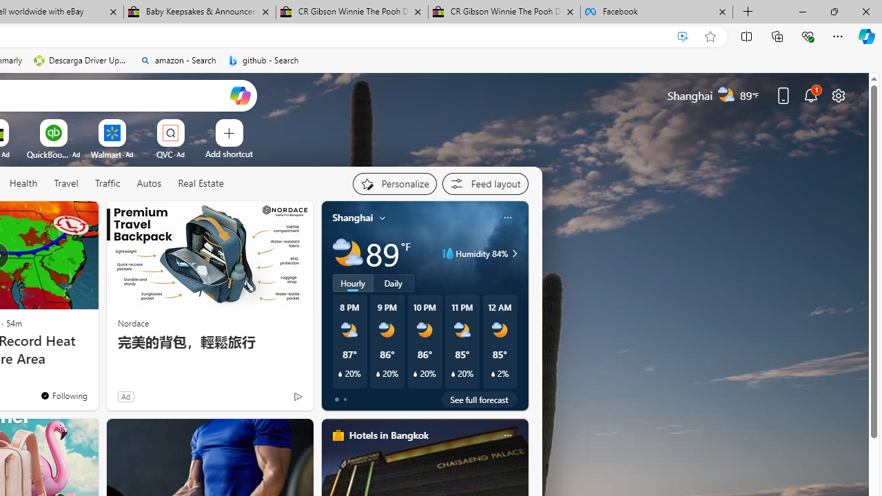 The image size is (882, 496). What do you see at coordinates (200, 183) in the screenshot?
I see `'Real Estate'` at bounding box center [200, 183].